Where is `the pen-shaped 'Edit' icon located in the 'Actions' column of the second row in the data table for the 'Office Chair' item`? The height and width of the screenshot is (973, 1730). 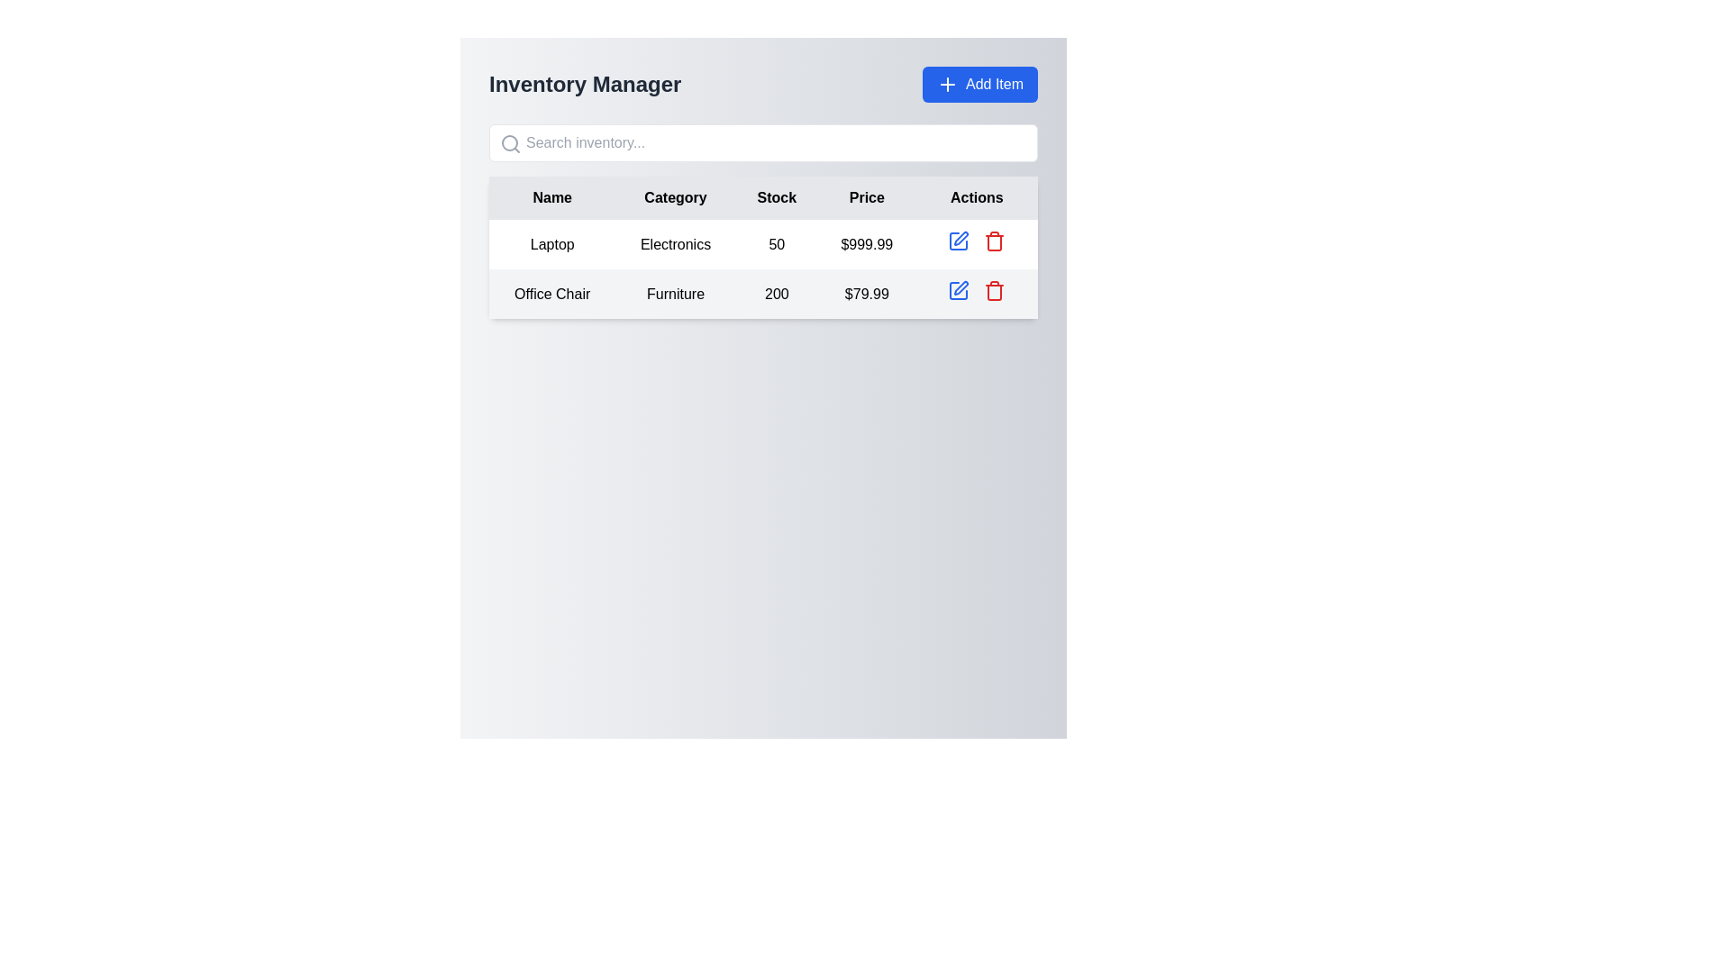
the pen-shaped 'Edit' icon located in the 'Actions' column of the second row in the data table for the 'Office Chair' item is located at coordinates (961, 287).